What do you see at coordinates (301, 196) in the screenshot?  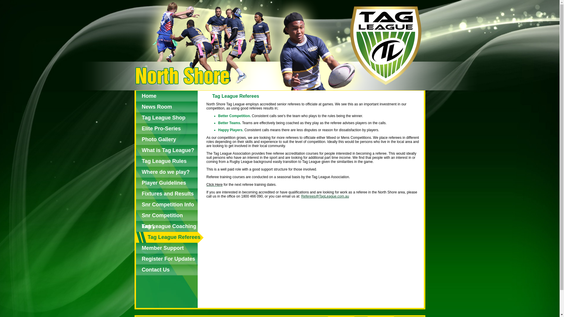 I see `'Referees@TagLeague.com.au'` at bounding box center [301, 196].